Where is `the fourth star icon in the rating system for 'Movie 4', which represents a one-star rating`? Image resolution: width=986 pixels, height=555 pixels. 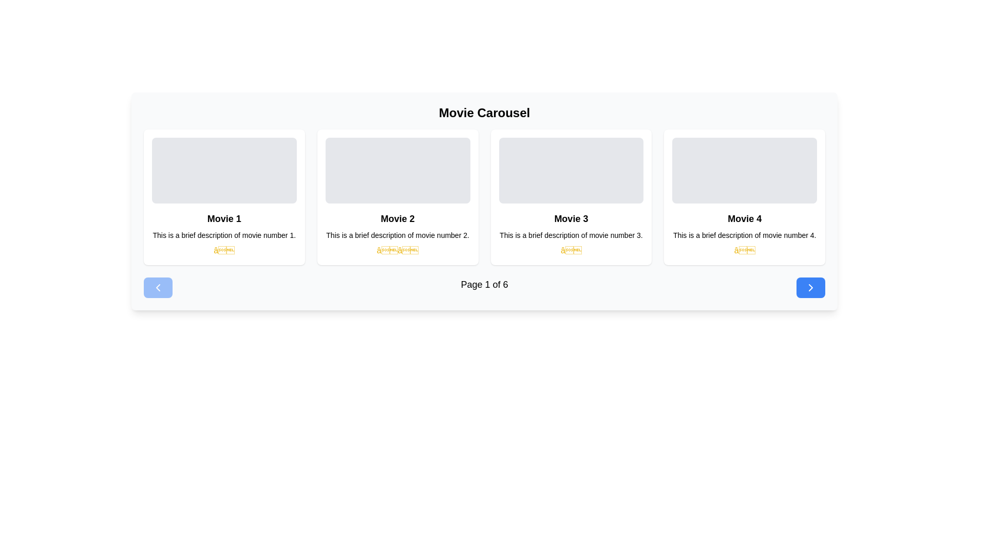 the fourth star icon in the rating system for 'Movie 4', which represents a one-star rating is located at coordinates (745, 250).